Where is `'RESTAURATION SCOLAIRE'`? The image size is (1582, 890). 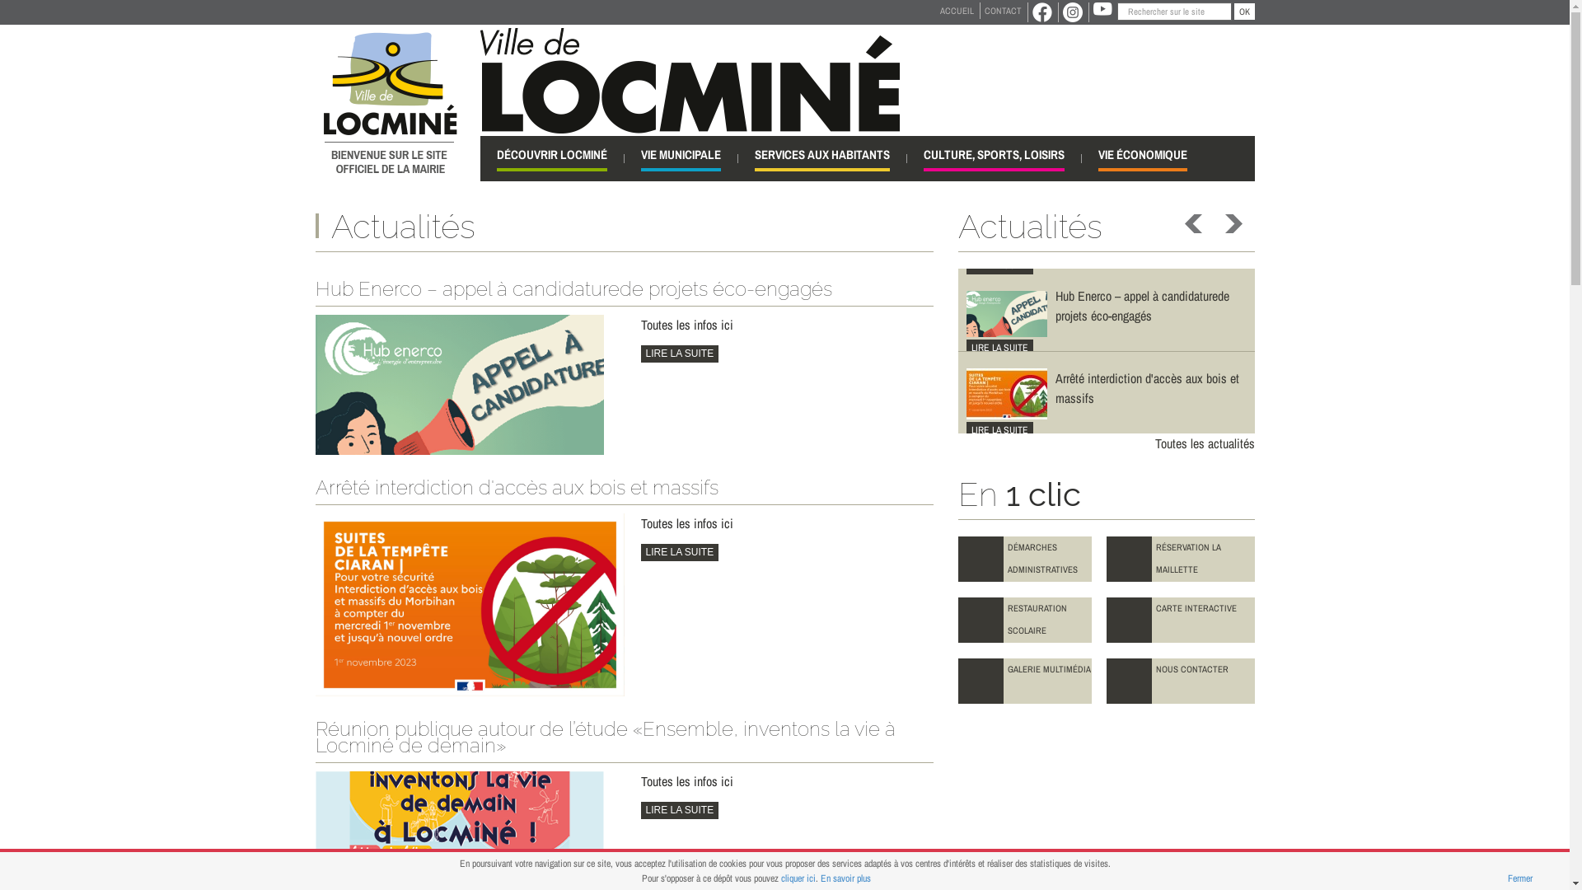
'RESTAURATION SCOLAIRE' is located at coordinates (1023, 620).